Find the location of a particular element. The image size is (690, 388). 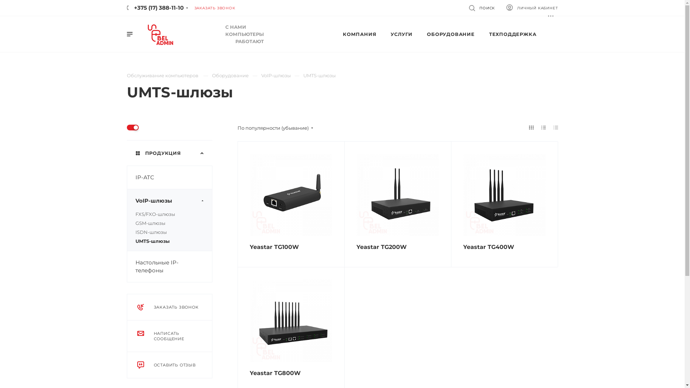

'beladmin.by' is located at coordinates (160, 34).